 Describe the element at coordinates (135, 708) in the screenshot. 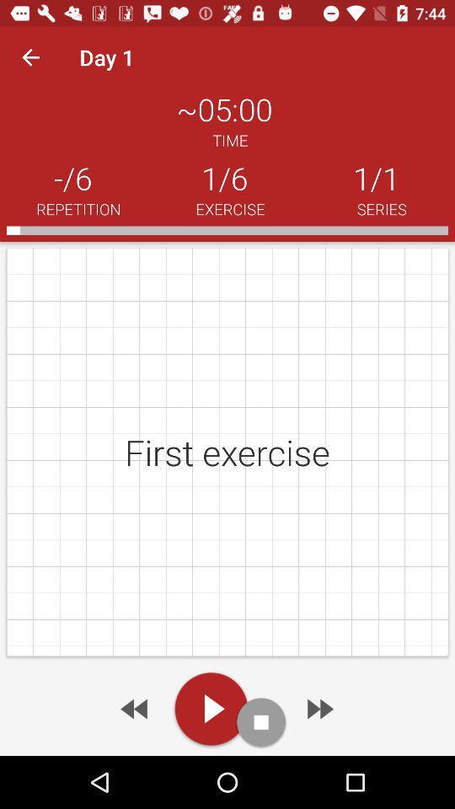

I see `previous` at that location.